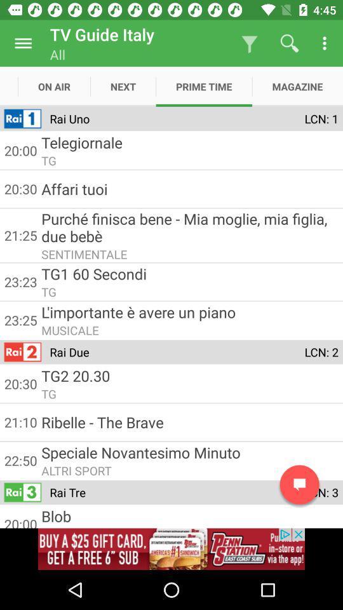  Describe the element at coordinates (171, 548) in the screenshot. I see `visit advertiser website` at that location.